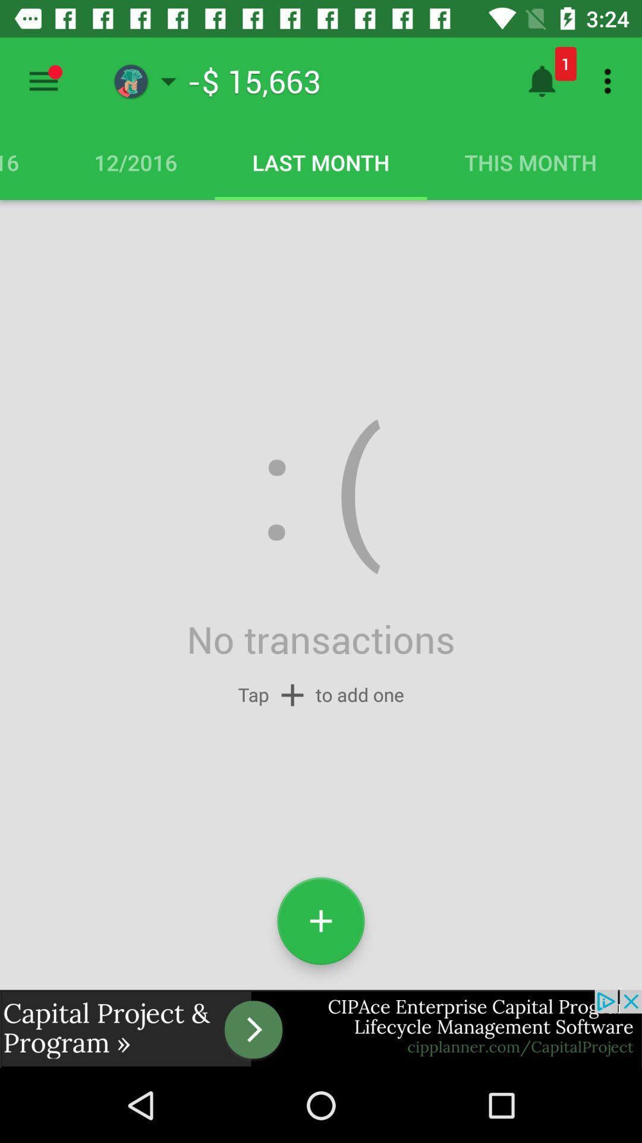 The width and height of the screenshot is (642, 1143). What do you see at coordinates (43, 80) in the screenshot?
I see `menu options to select` at bounding box center [43, 80].